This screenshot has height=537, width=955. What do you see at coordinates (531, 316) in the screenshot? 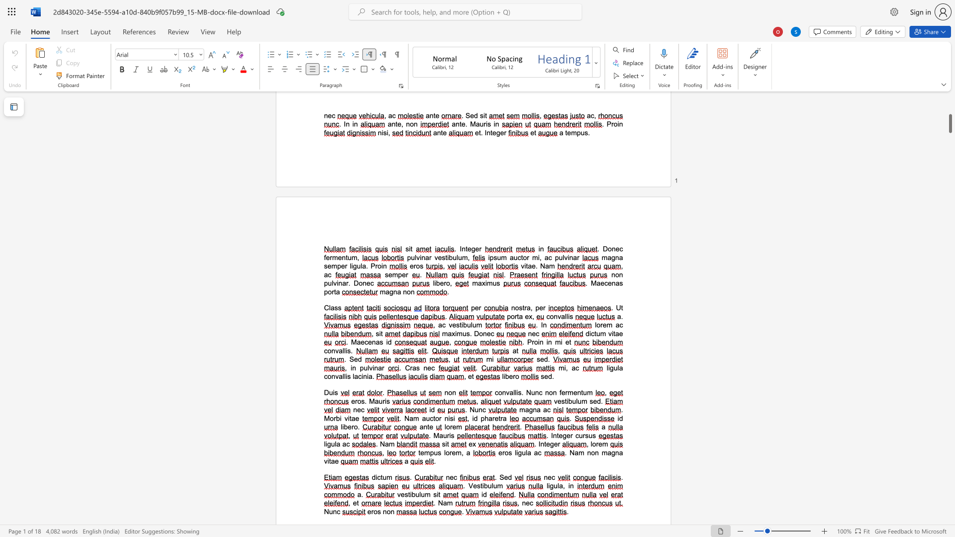
I see `the space between the continuous character "x" and "," in the text` at bounding box center [531, 316].